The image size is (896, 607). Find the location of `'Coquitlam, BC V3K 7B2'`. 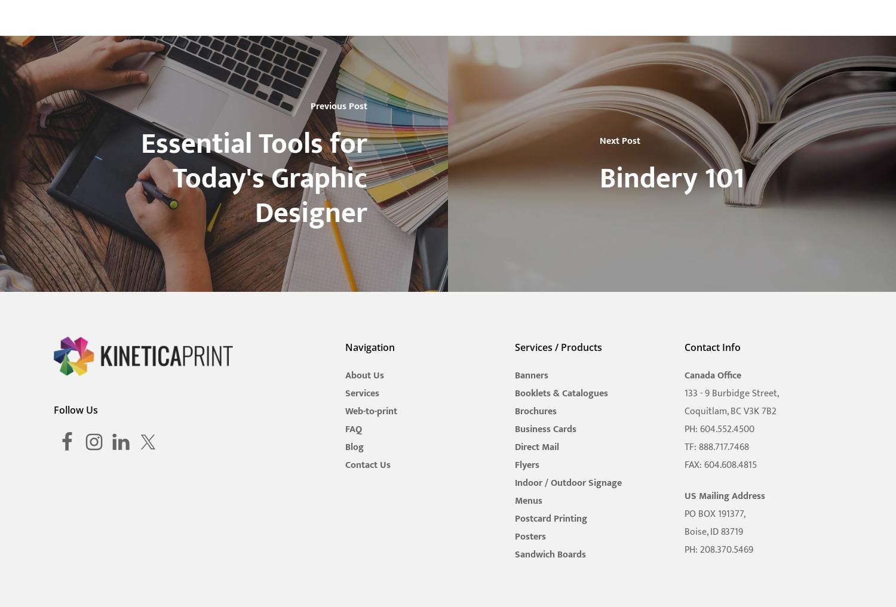

'Coquitlam, BC V3K 7B2' is located at coordinates (683, 411).